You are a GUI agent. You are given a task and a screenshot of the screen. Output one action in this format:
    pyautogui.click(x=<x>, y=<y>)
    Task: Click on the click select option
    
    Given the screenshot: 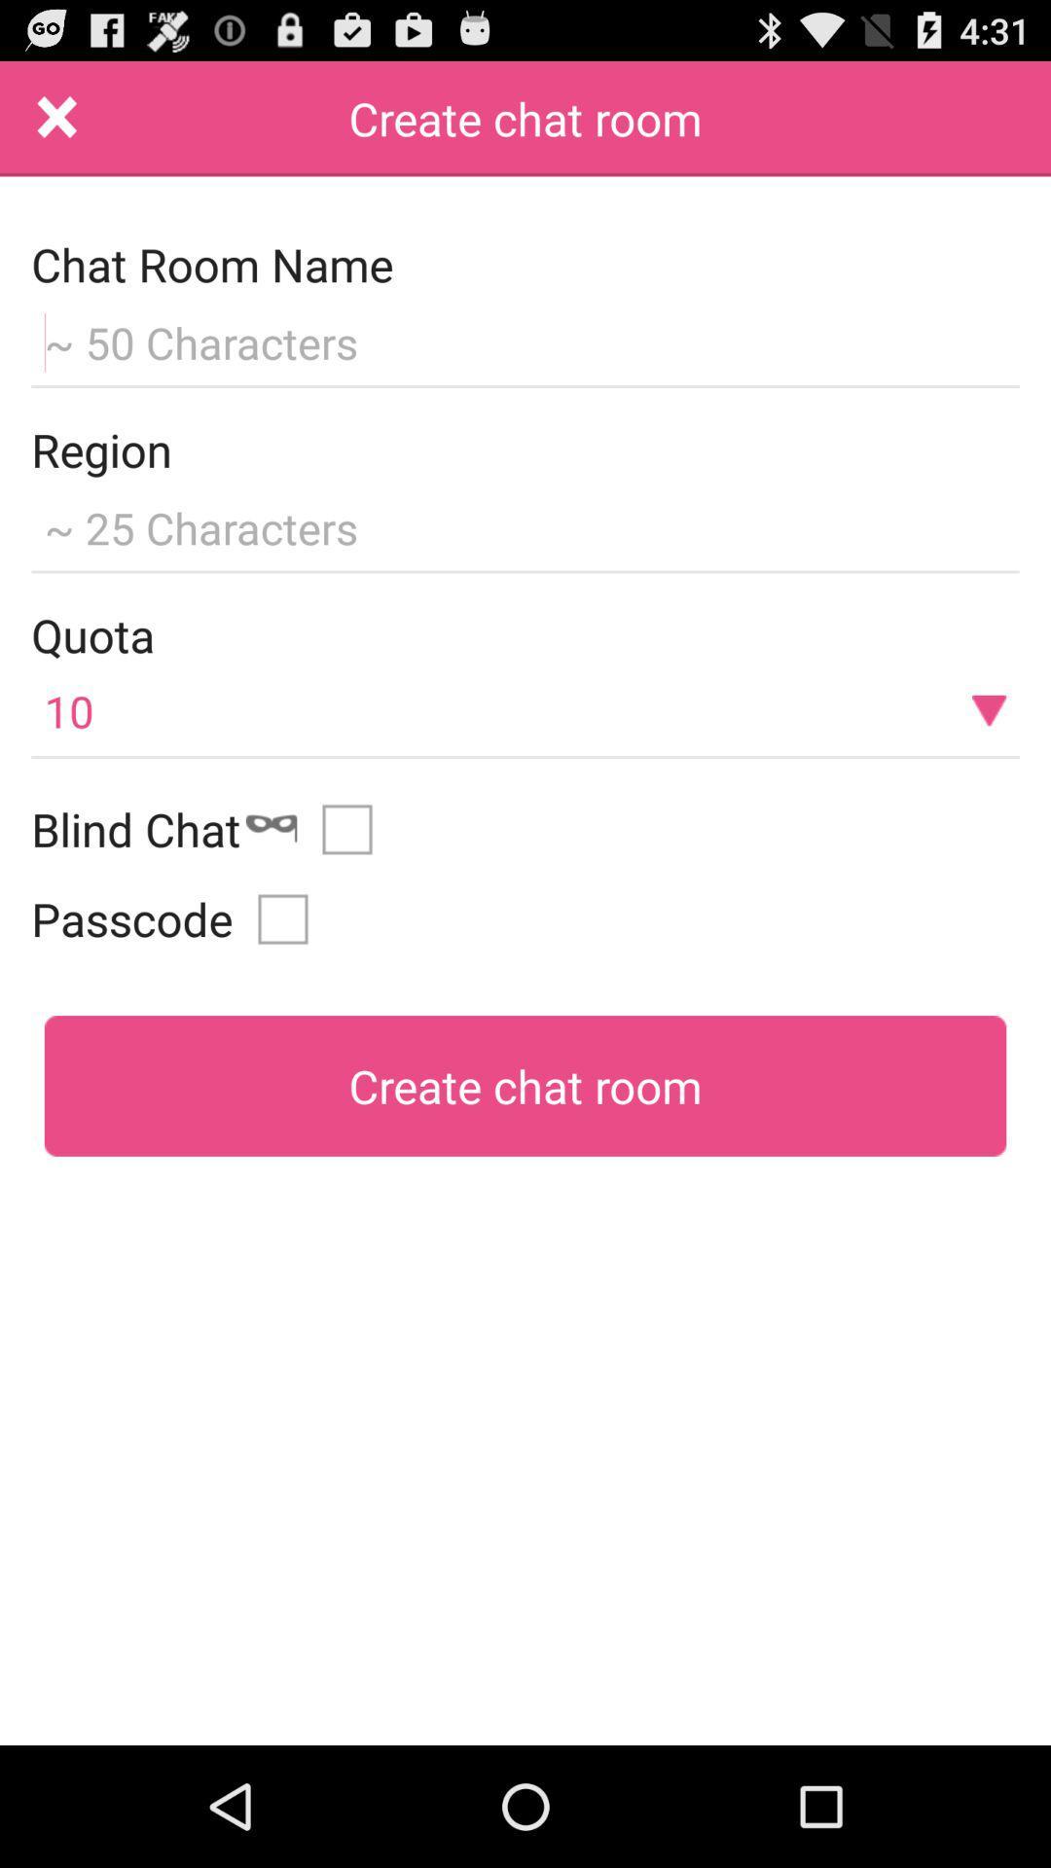 What is the action you would take?
    pyautogui.click(x=354, y=829)
    